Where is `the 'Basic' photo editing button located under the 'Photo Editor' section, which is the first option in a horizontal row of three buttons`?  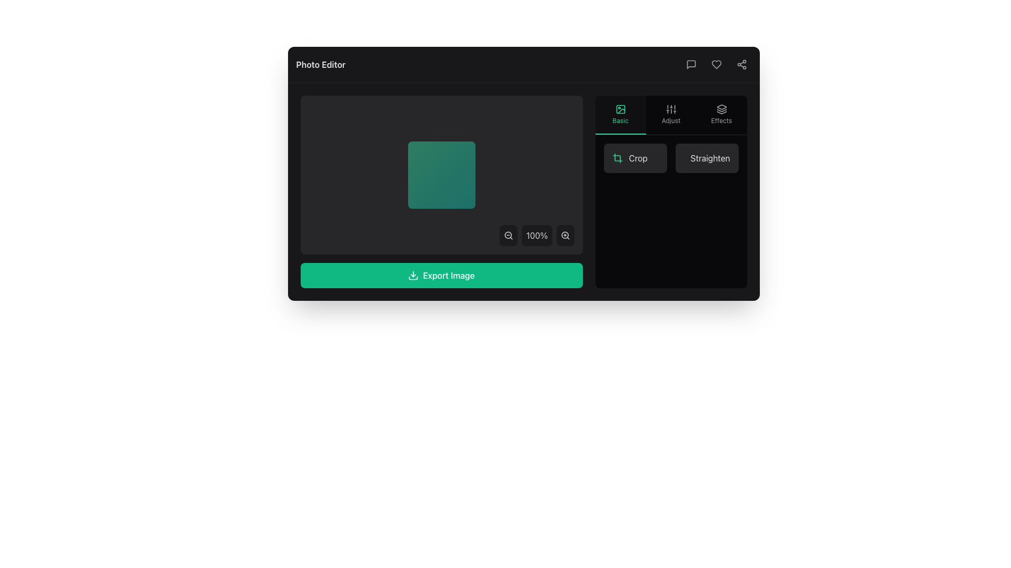
the 'Basic' photo editing button located under the 'Photo Editor' section, which is the first option in a horizontal row of three buttons is located at coordinates (620, 115).